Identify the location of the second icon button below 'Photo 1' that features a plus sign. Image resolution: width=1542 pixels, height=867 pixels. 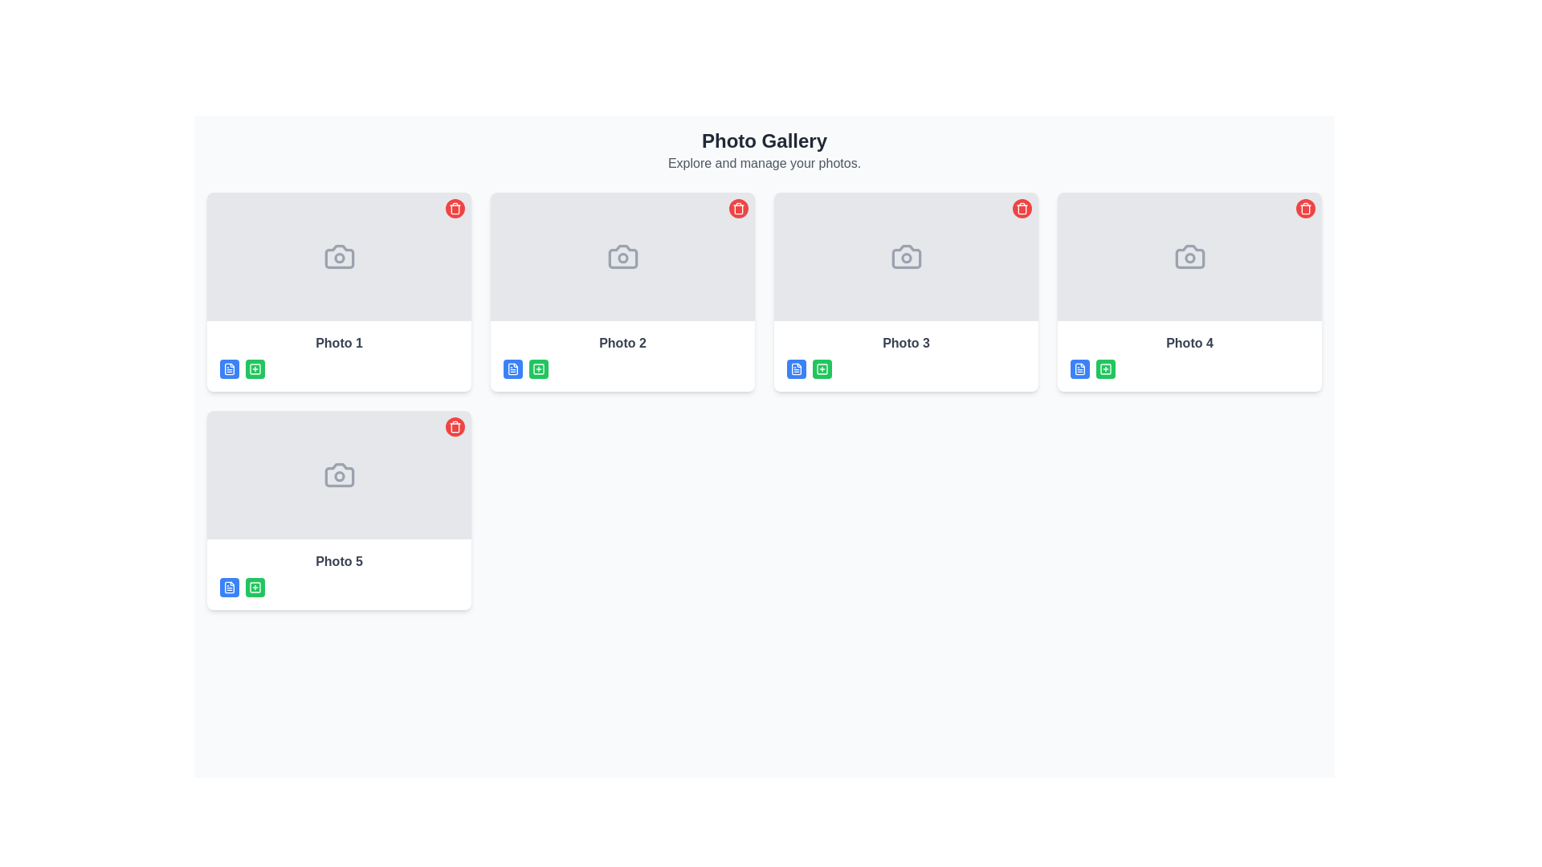
(254, 368).